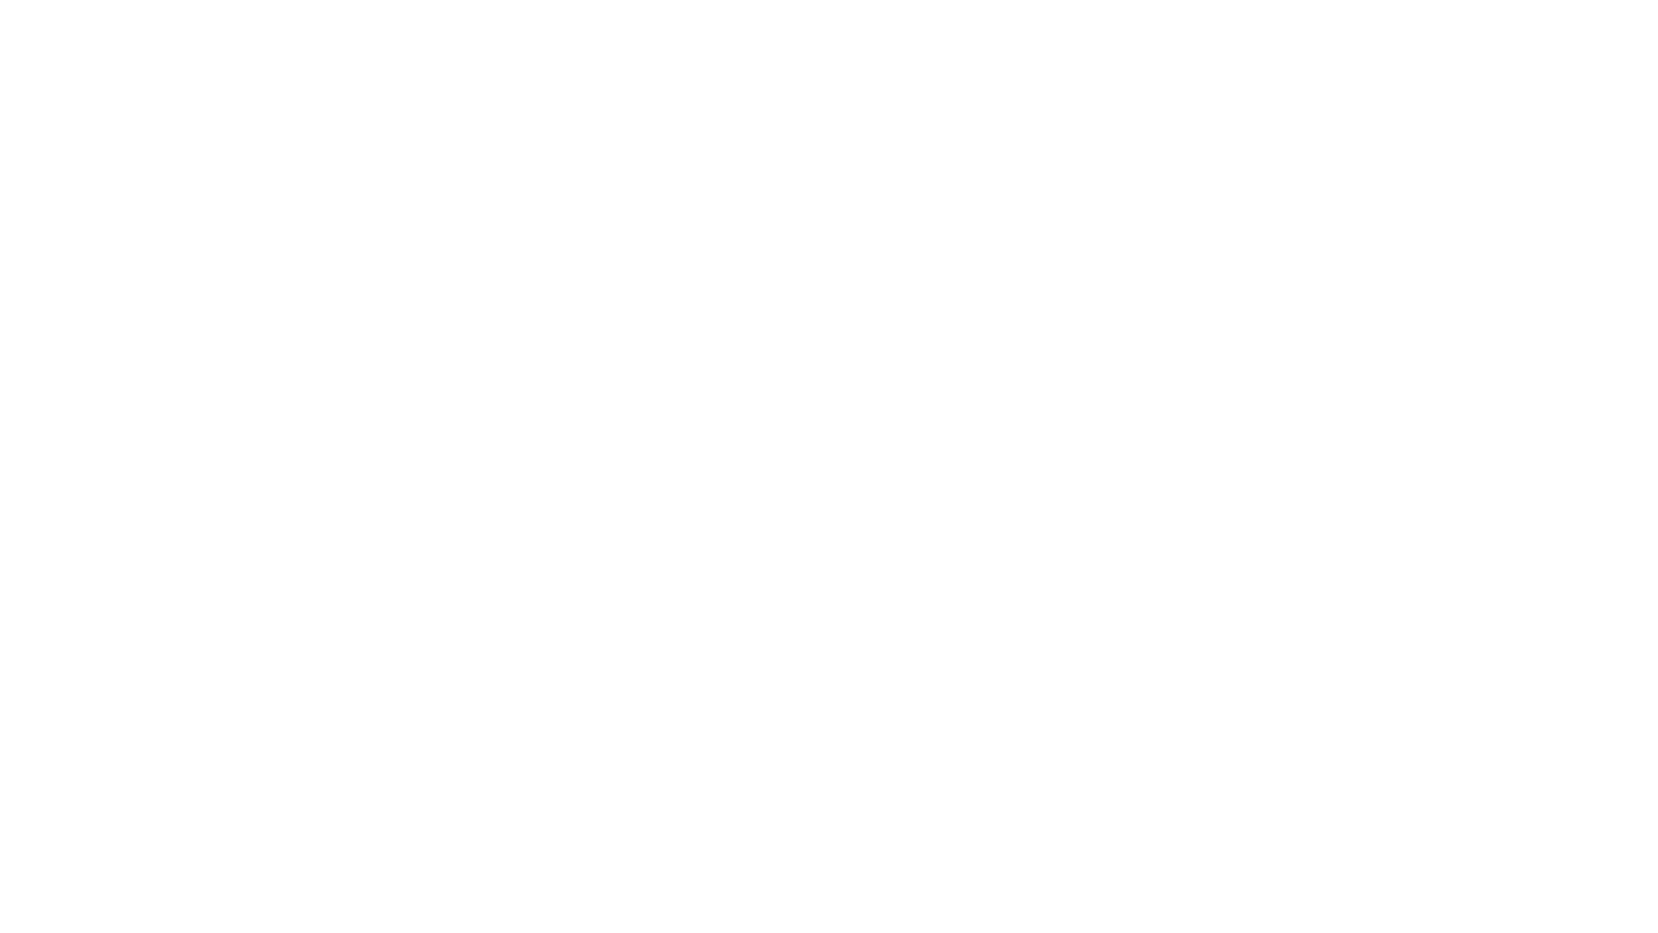  I want to click on Rewind 15 Seconds, so click(1277, 22).